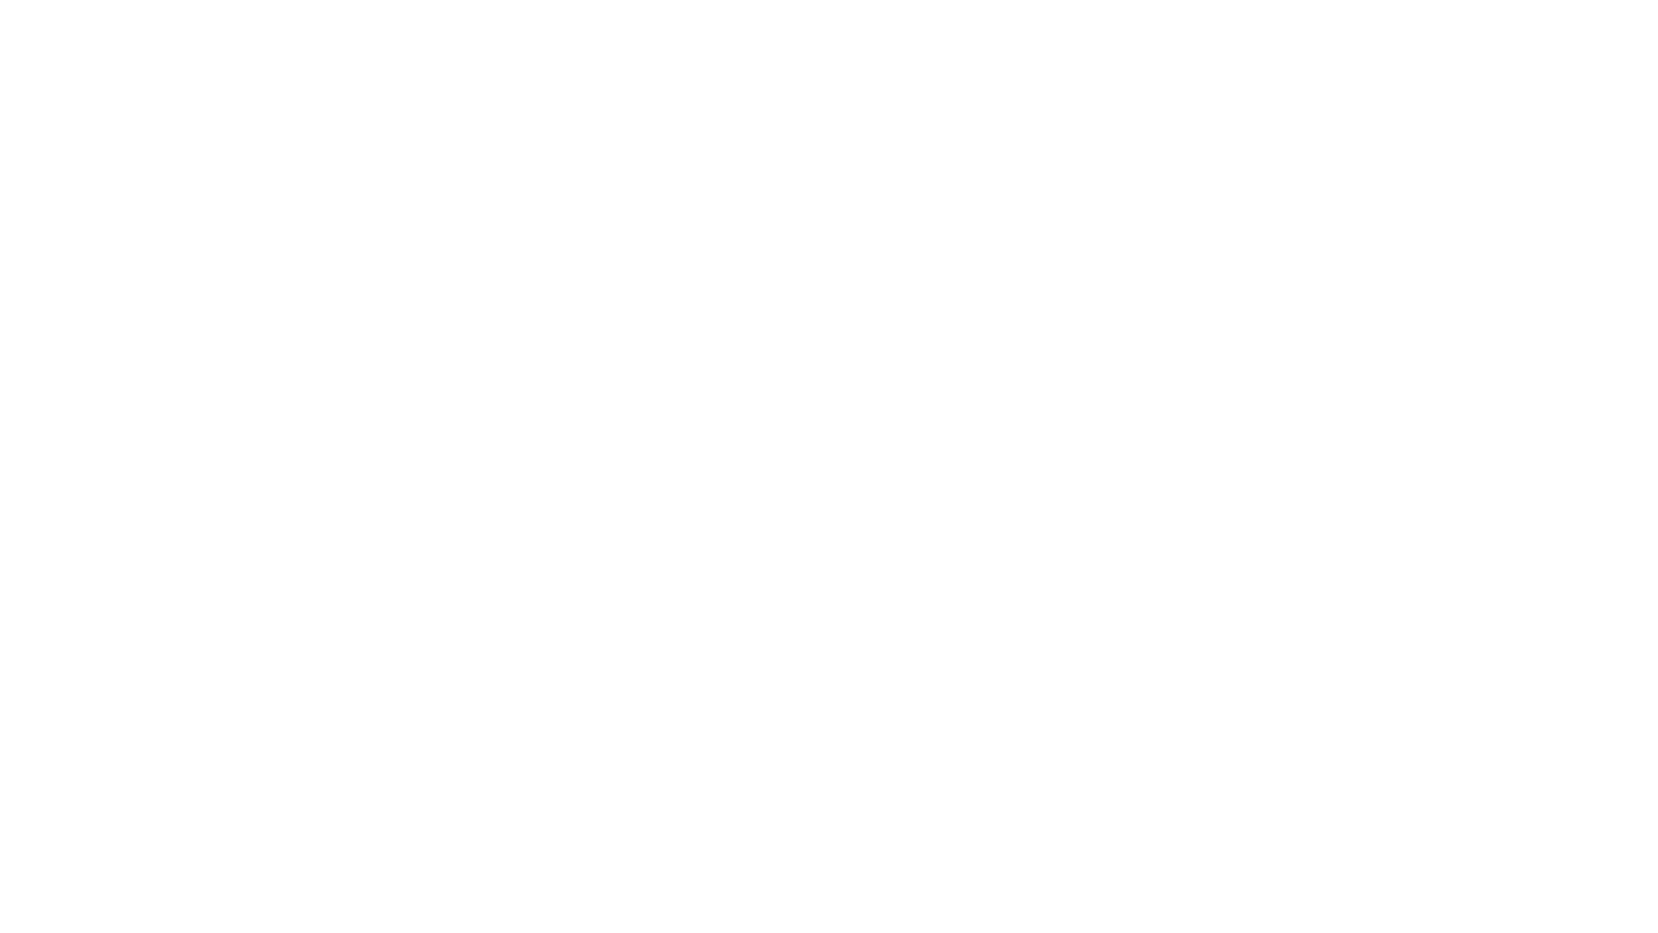  I want to click on Rewind 15 Seconds, so click(1277, 22).